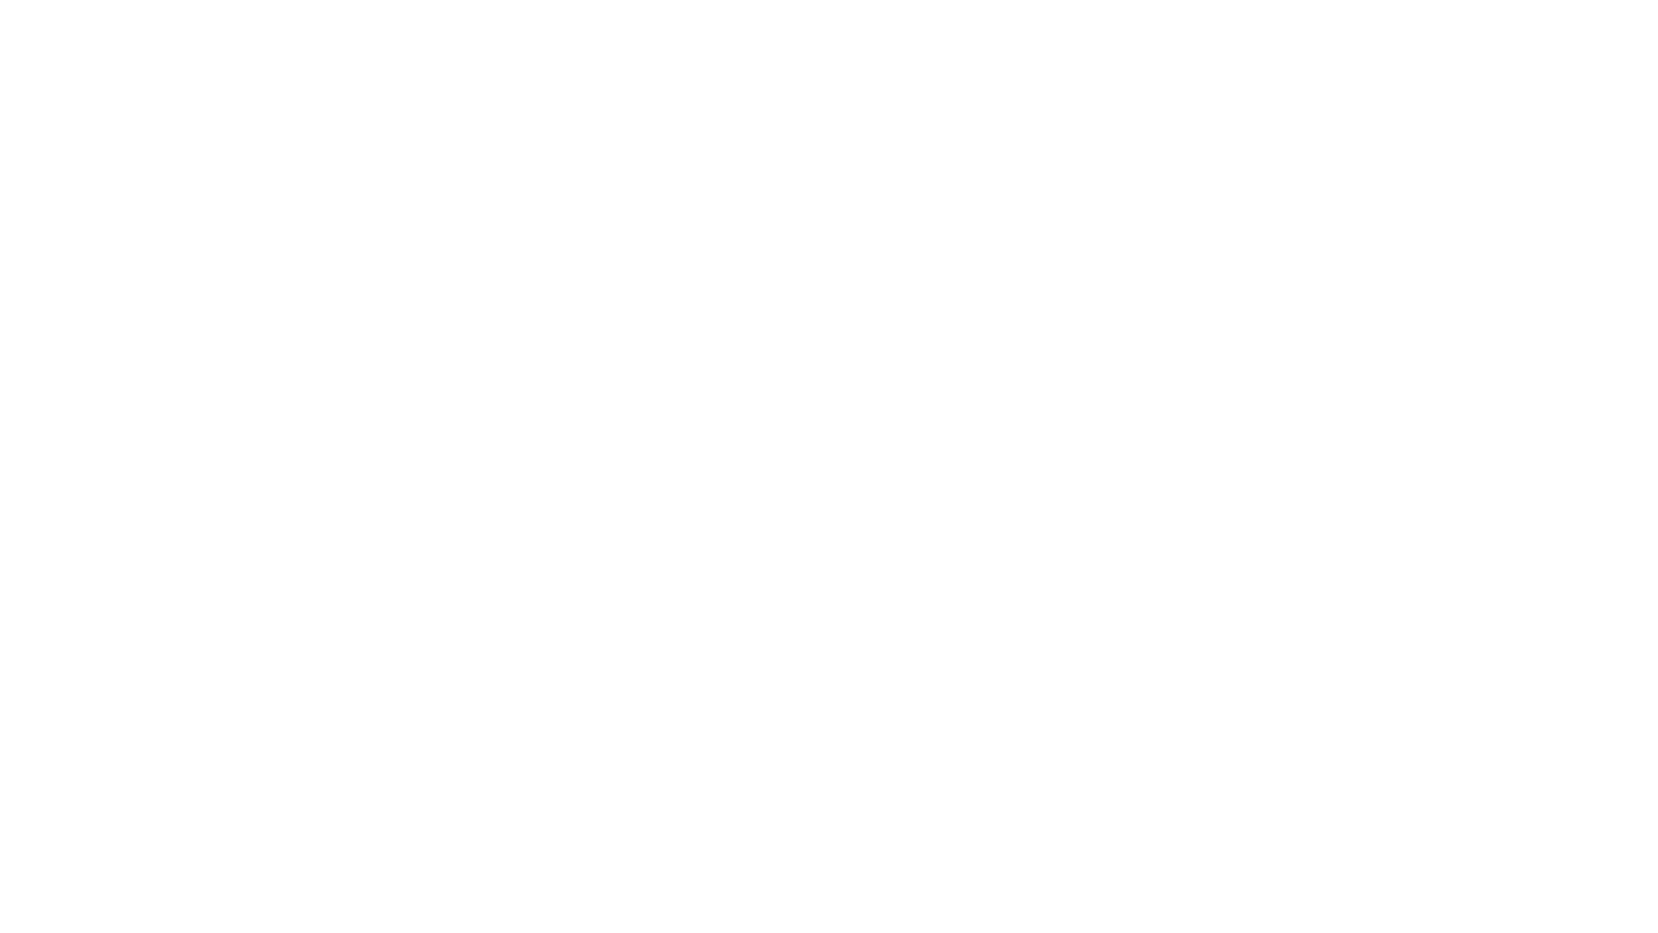  I want to click on Rewind 15 Seconds, so click(1277, 22).